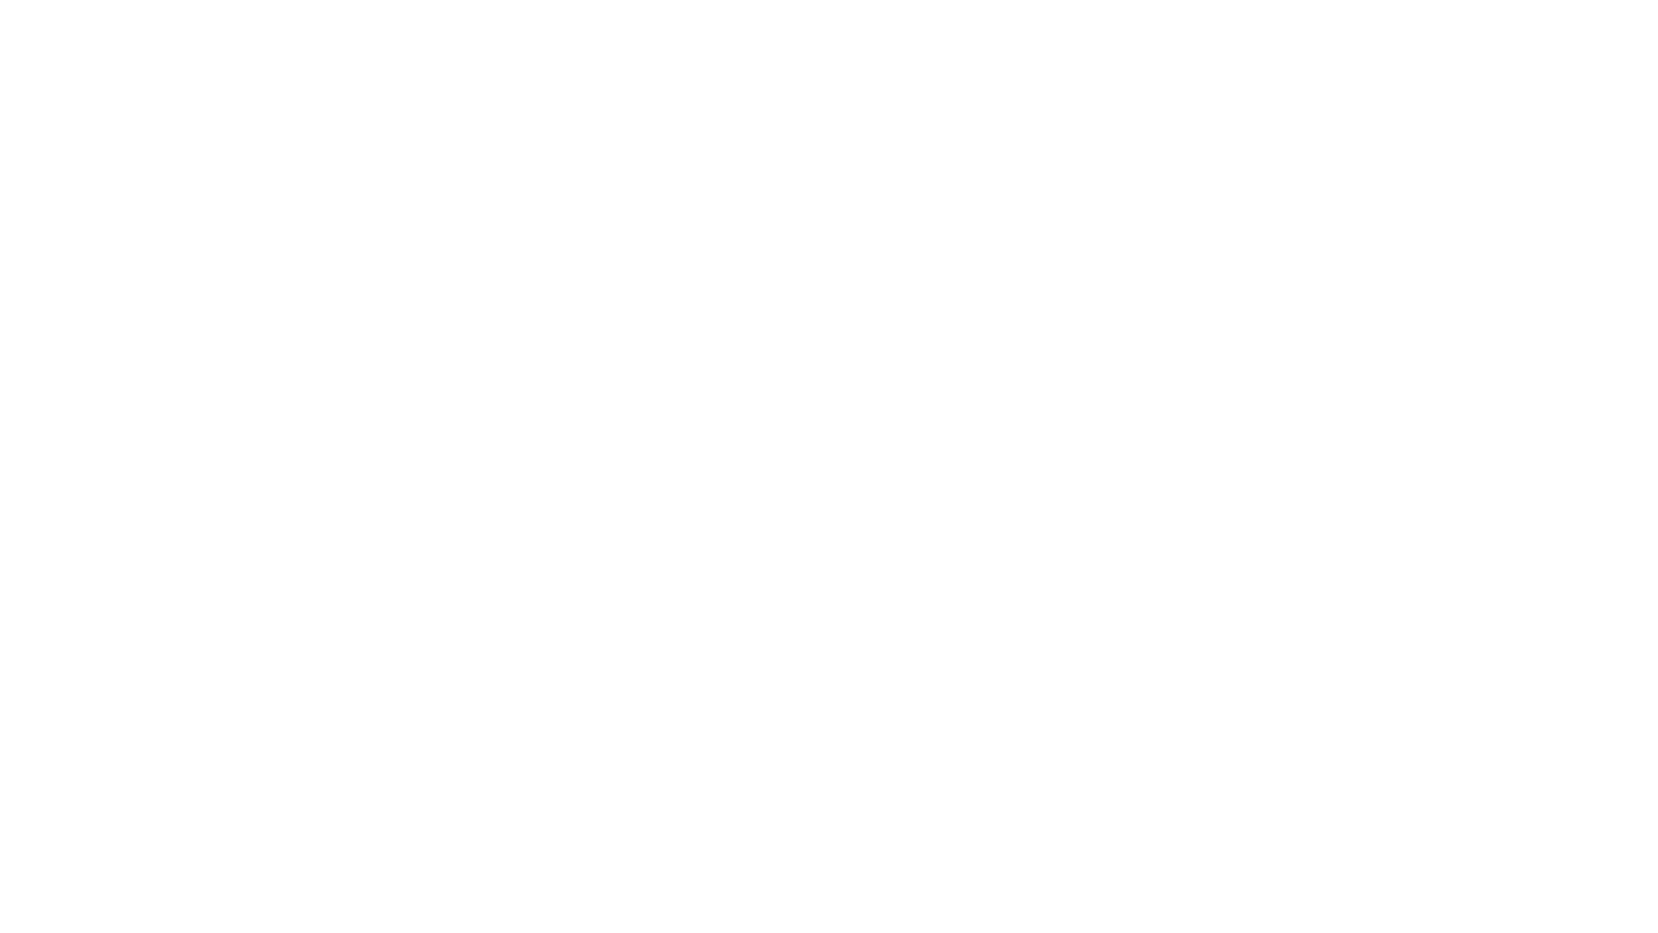  I want to click on Rewind 15 Seconds, so click(1277, 22).